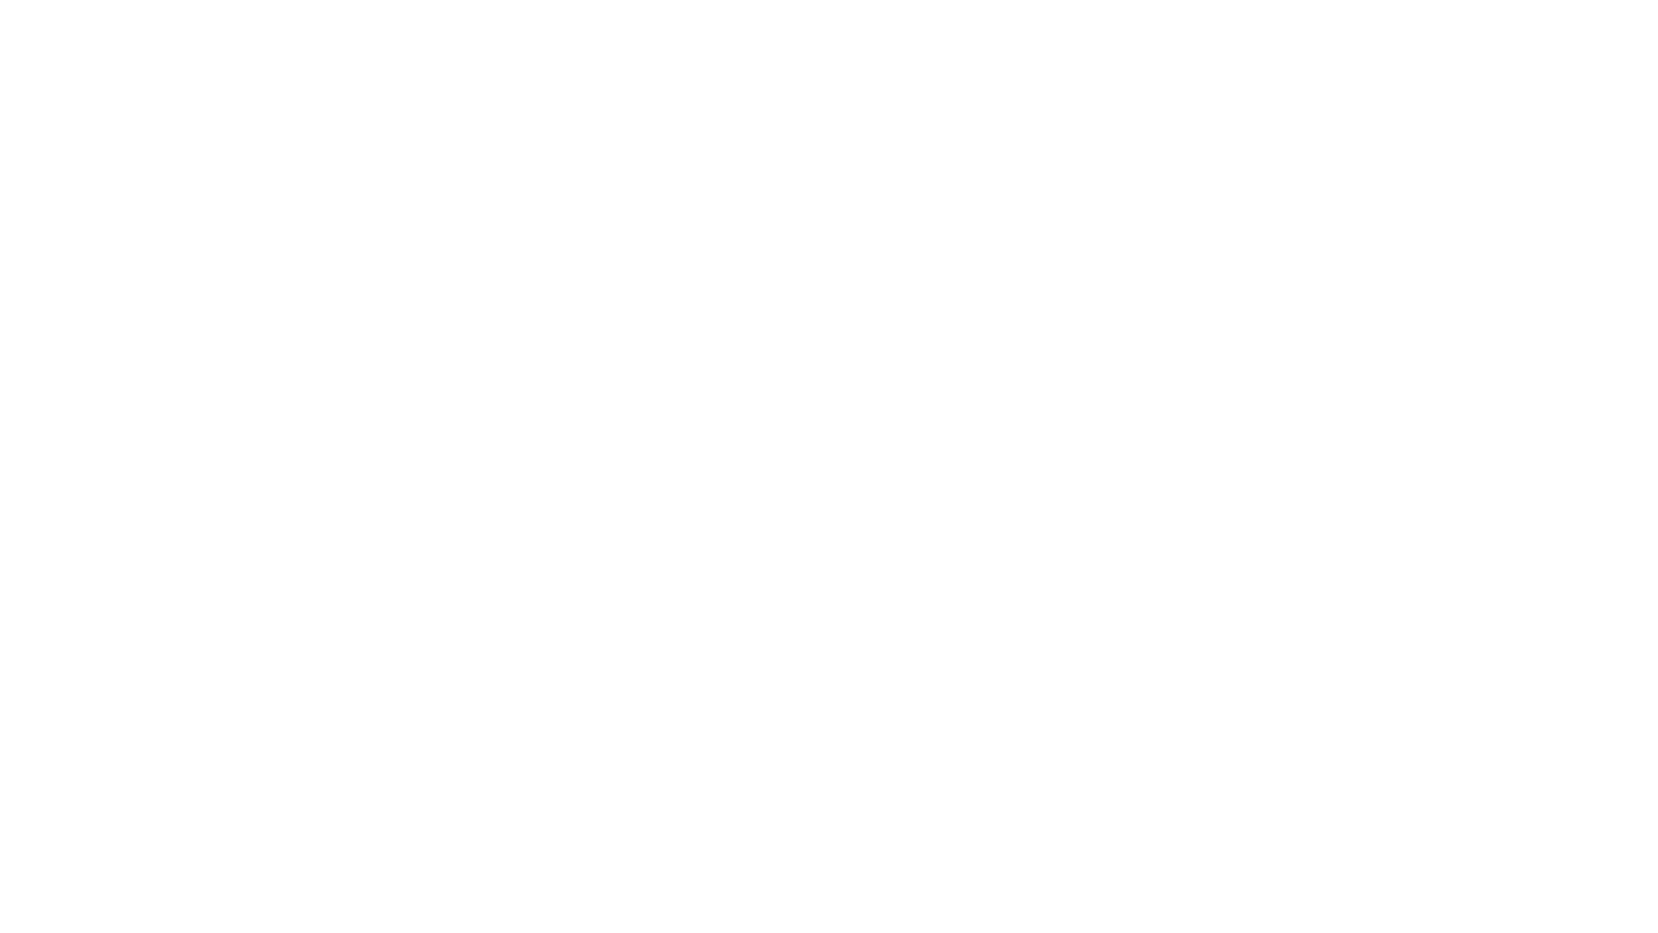  I want to click on Rewind 15 Seconds, so click(1277, 22).